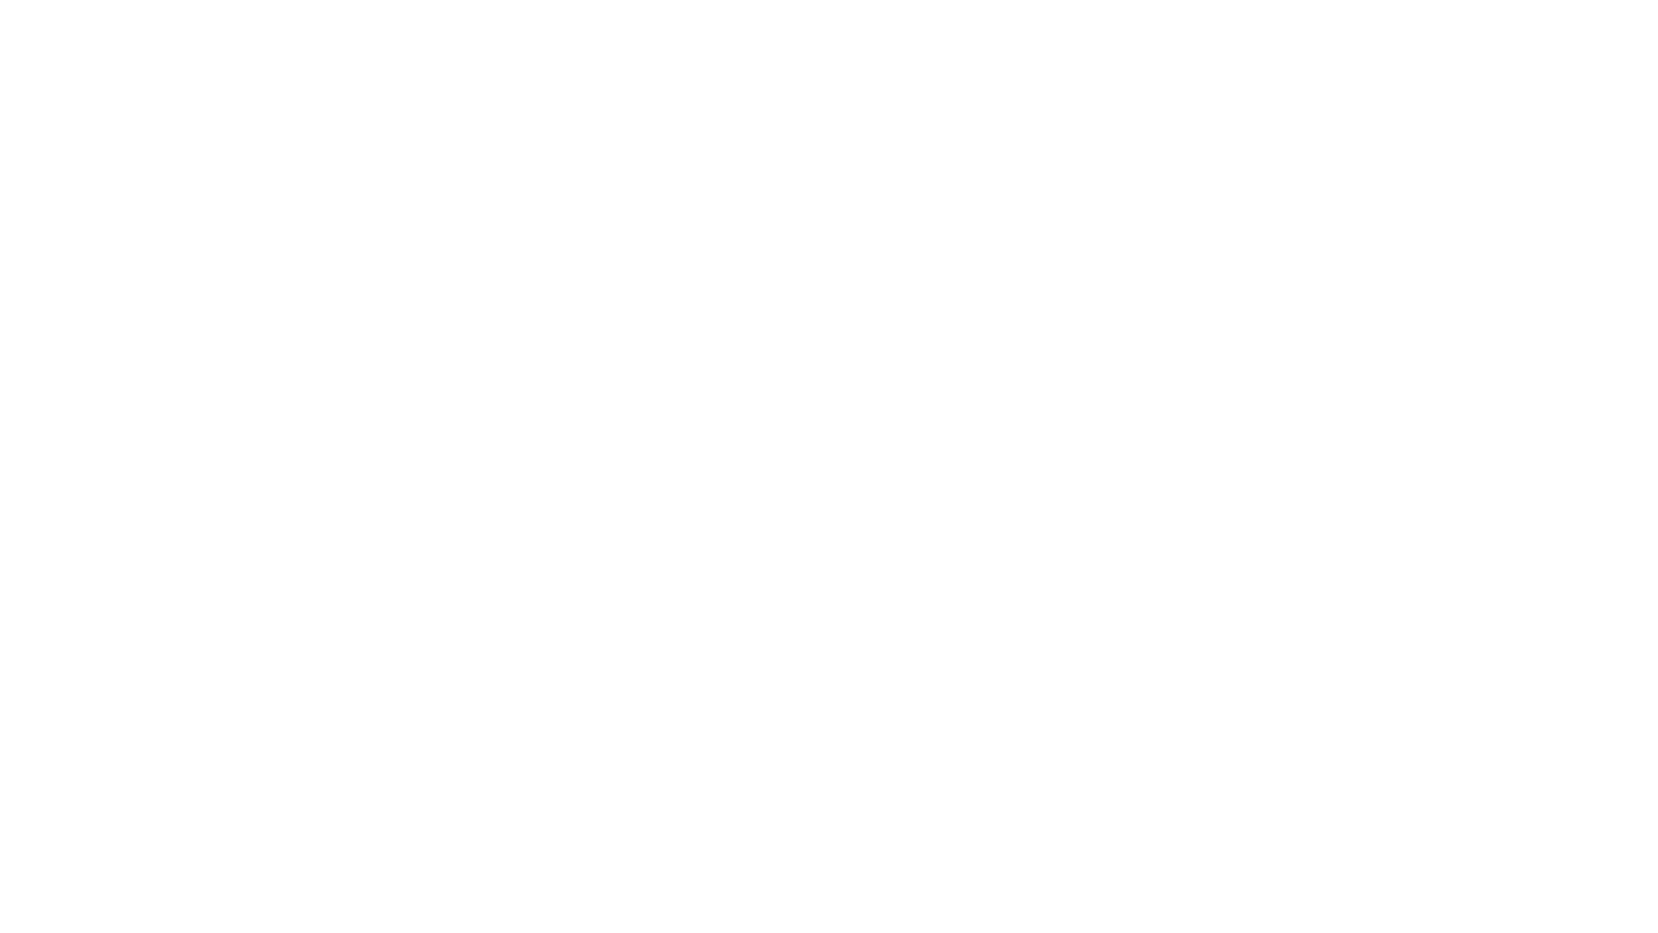  I want to click on Rewind 15 Seconds, so click(1277, 22).